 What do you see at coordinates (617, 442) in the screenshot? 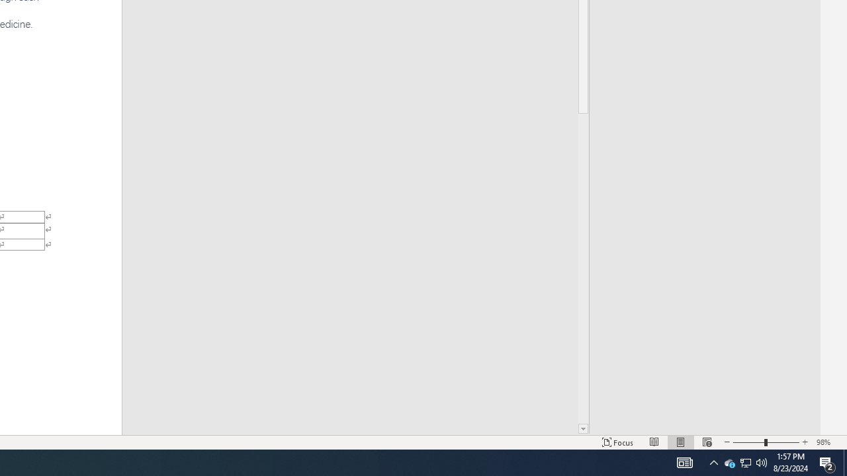
I see `'Focus '` at bounding box center [617, 442].